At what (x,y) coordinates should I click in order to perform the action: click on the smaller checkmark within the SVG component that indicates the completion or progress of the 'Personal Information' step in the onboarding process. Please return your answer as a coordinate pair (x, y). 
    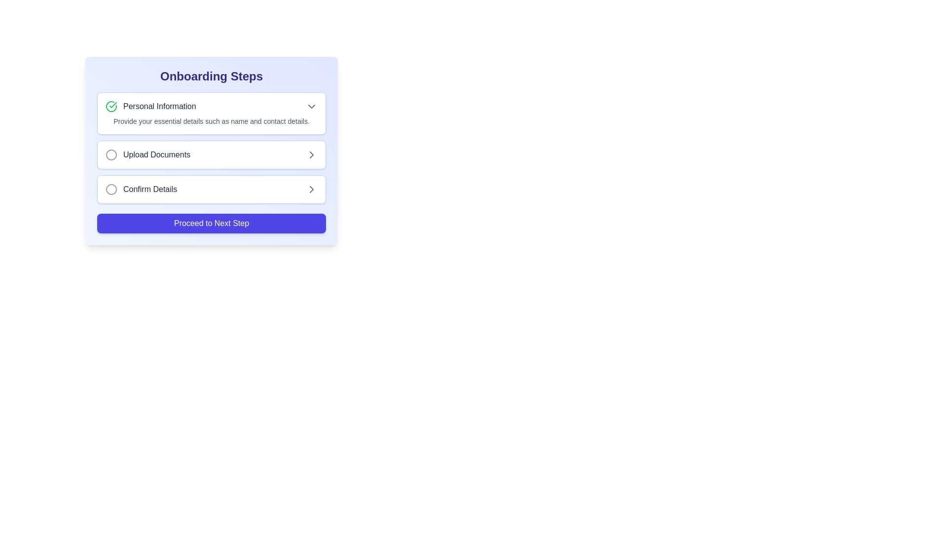
    Looking at the image, I should click on (113, 105).